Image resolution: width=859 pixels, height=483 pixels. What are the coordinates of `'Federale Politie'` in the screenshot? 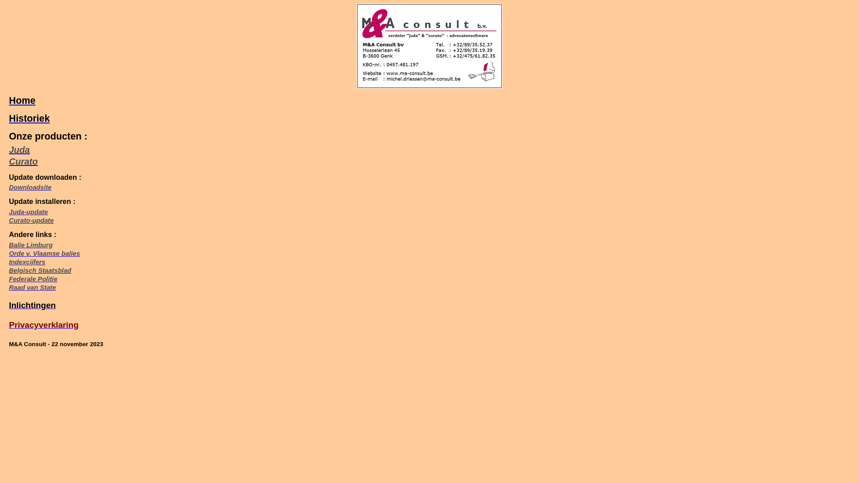 It's located at (33, 279).